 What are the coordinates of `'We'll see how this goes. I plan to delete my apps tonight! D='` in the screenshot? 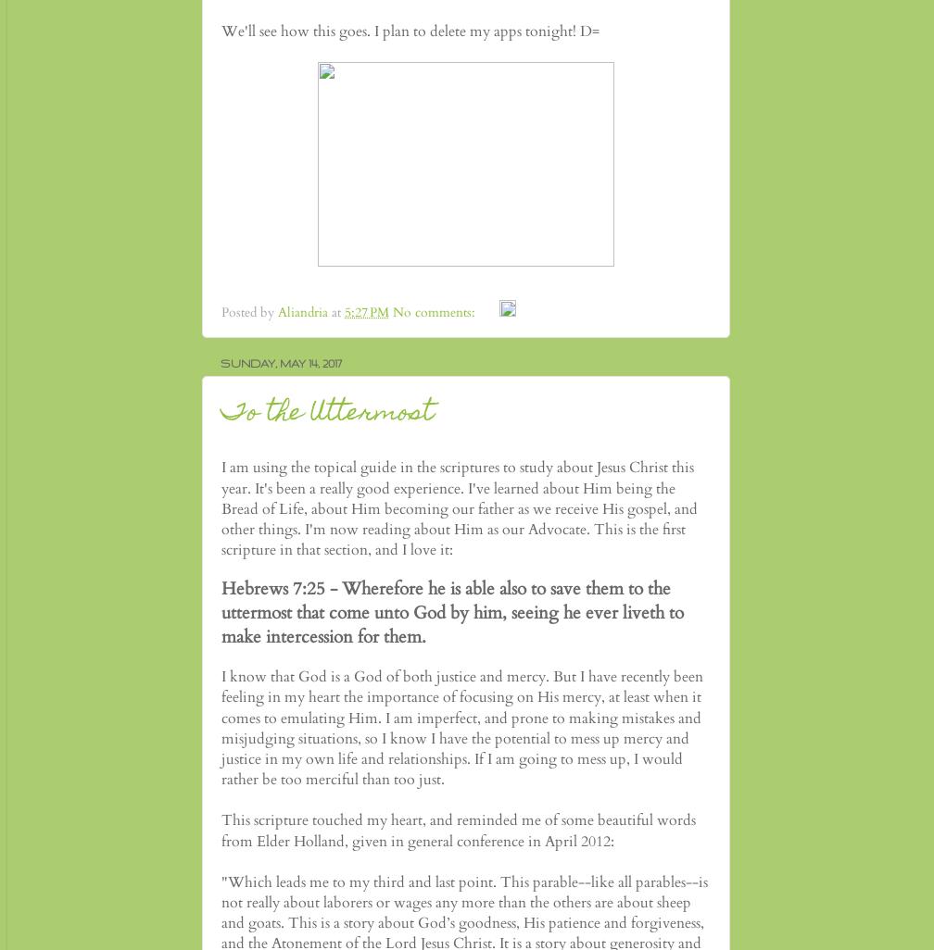 It's located at (221, 31).